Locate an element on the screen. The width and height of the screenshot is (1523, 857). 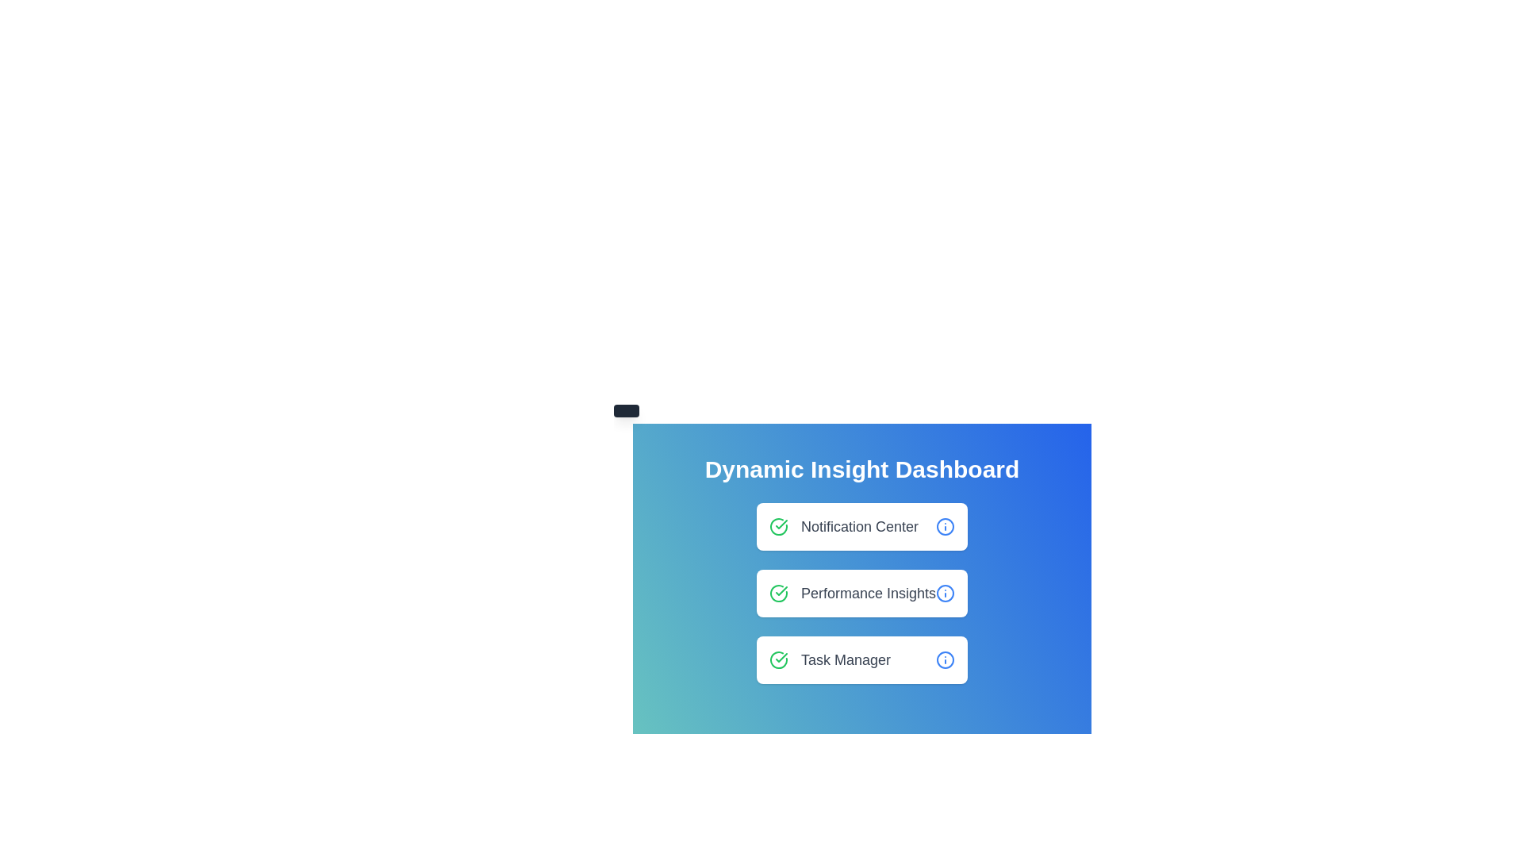
the circular icon located to the right of the 'Performance Insights' text in the middle row of modules on the blue panel is located at coordinates (945, 594).